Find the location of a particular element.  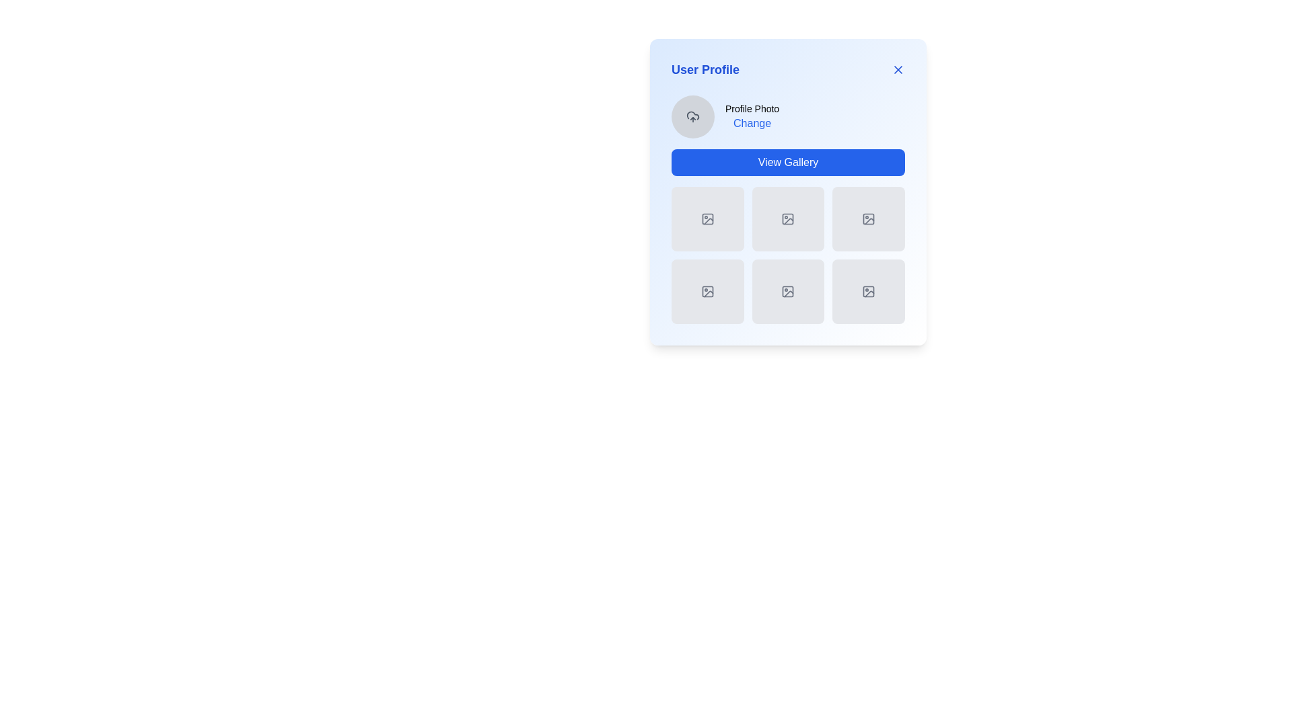

the 'Change' textual link that allows users to modify their profile photo, which is located to the right of the 'Profile Photo' label is located at coordinates (752, 124).